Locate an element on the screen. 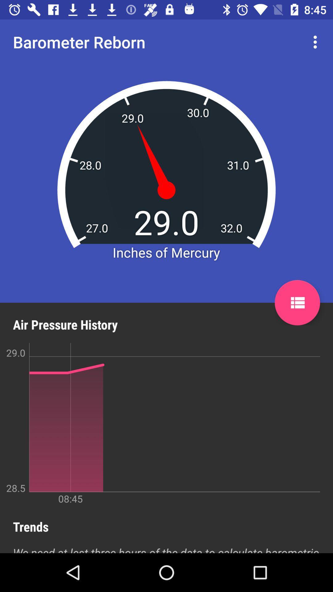 Image resolution: width=333 pixels, height=592 pixels. the item next to the barometer reborn is located at coordinates (317, 42).